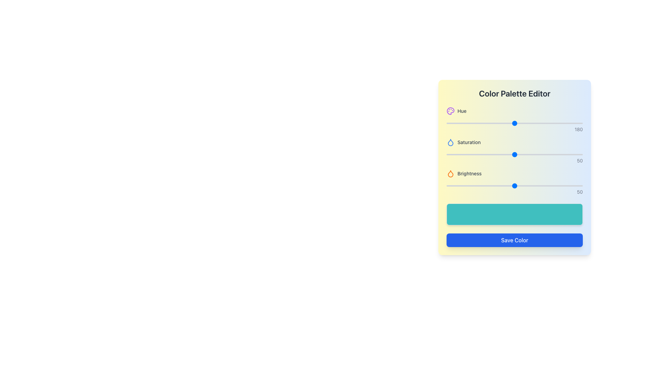  I want to click on hue, so click(549, 123).